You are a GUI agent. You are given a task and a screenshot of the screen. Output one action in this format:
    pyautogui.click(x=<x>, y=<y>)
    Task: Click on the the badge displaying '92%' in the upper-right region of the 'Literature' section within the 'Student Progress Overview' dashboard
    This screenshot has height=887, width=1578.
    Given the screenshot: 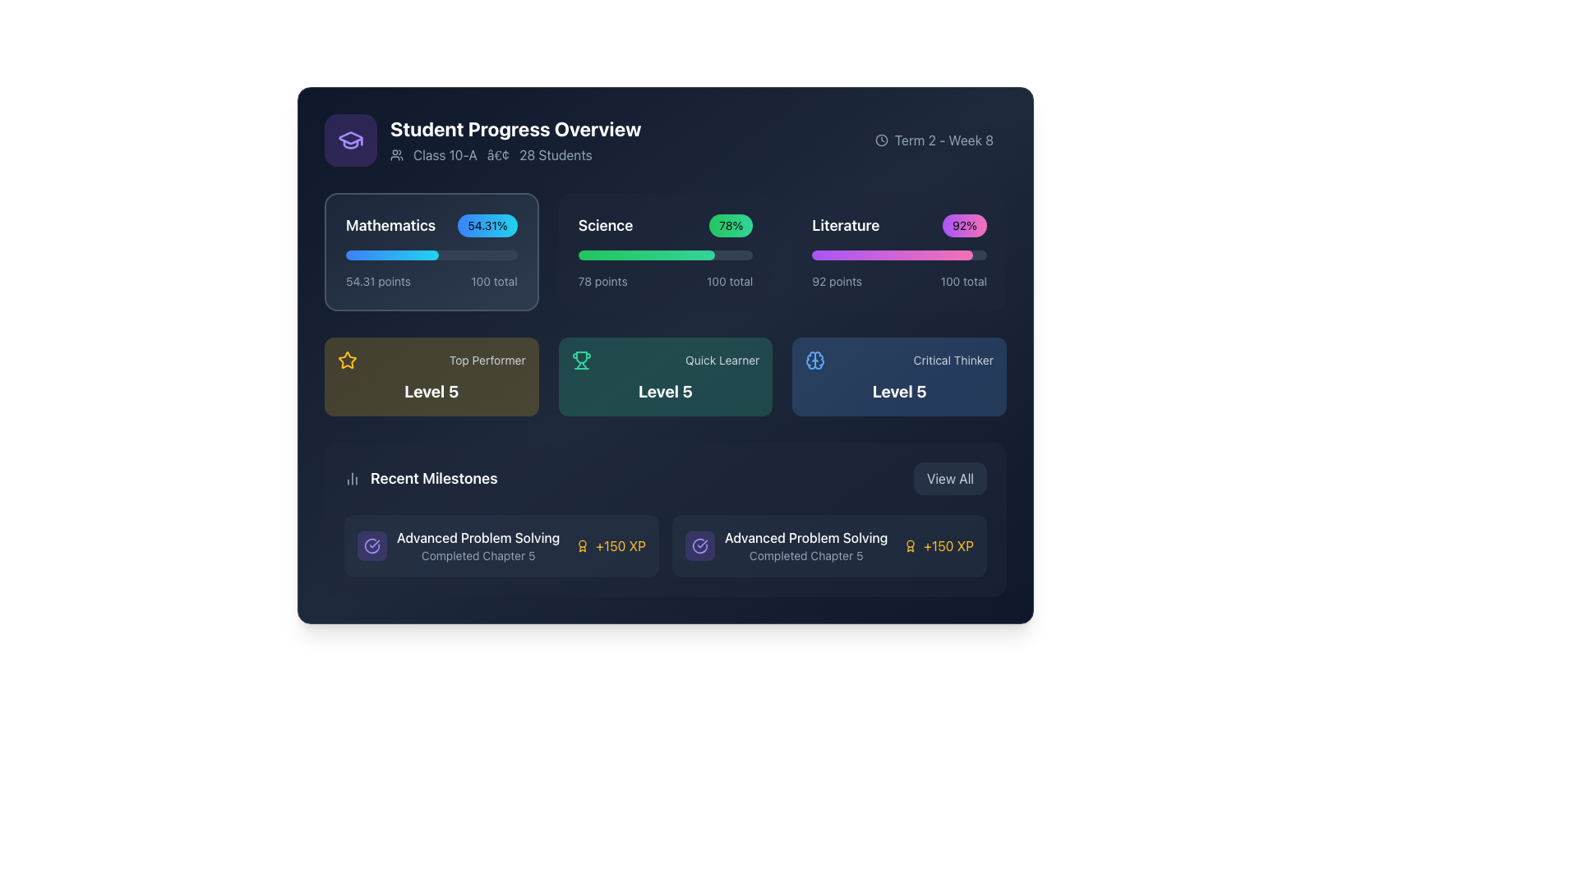 What is the action you would take?
    pyautogui.click(x=965, y=225)
    